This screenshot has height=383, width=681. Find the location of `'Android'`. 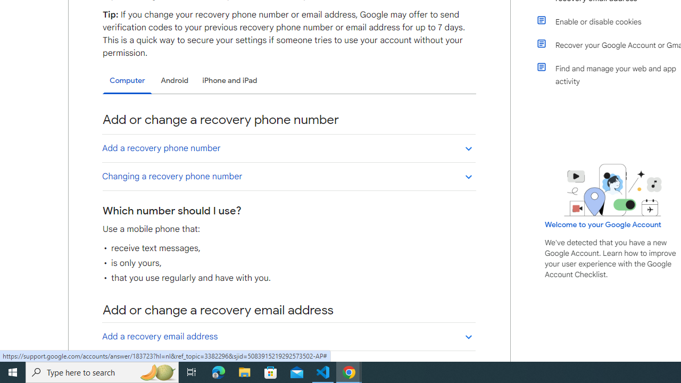

'Android' is located at coordinates (175, 80).